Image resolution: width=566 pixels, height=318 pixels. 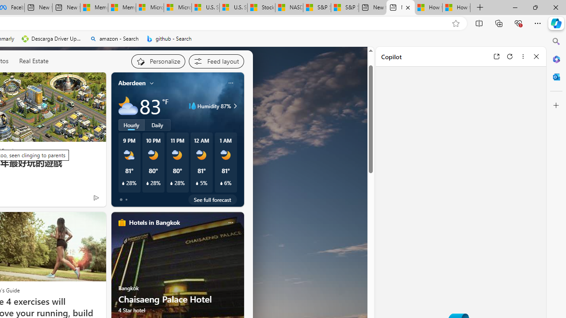 What do you see at coordinates (169, 38) in the screenshot?
I see `'github - Search'` at bounding box center [169, 38].